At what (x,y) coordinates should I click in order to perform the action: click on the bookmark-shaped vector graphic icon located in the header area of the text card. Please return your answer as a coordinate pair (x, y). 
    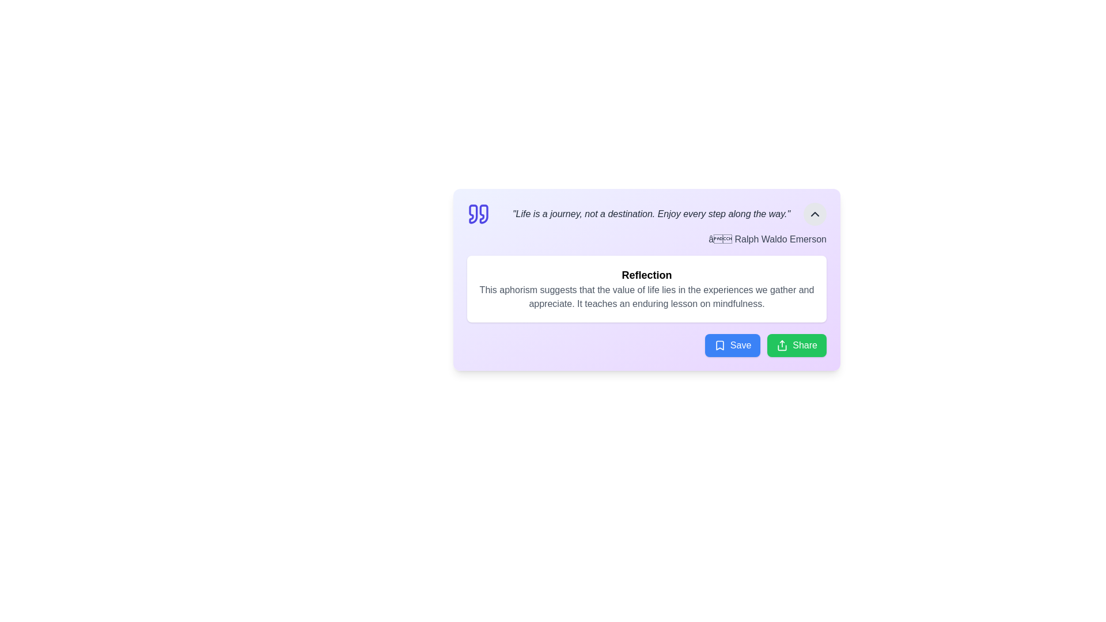
    Looking at the image, I should click on (719, 345).